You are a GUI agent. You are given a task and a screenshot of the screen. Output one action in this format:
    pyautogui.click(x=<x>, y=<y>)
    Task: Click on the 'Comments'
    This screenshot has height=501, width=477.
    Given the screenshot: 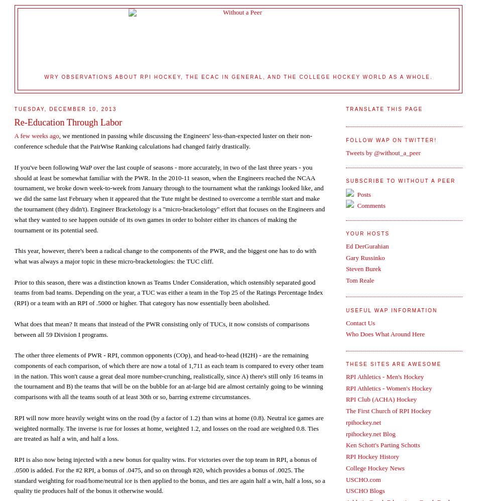 What is the action you would take?
    pyautogui.click(x=370, y=205)
    